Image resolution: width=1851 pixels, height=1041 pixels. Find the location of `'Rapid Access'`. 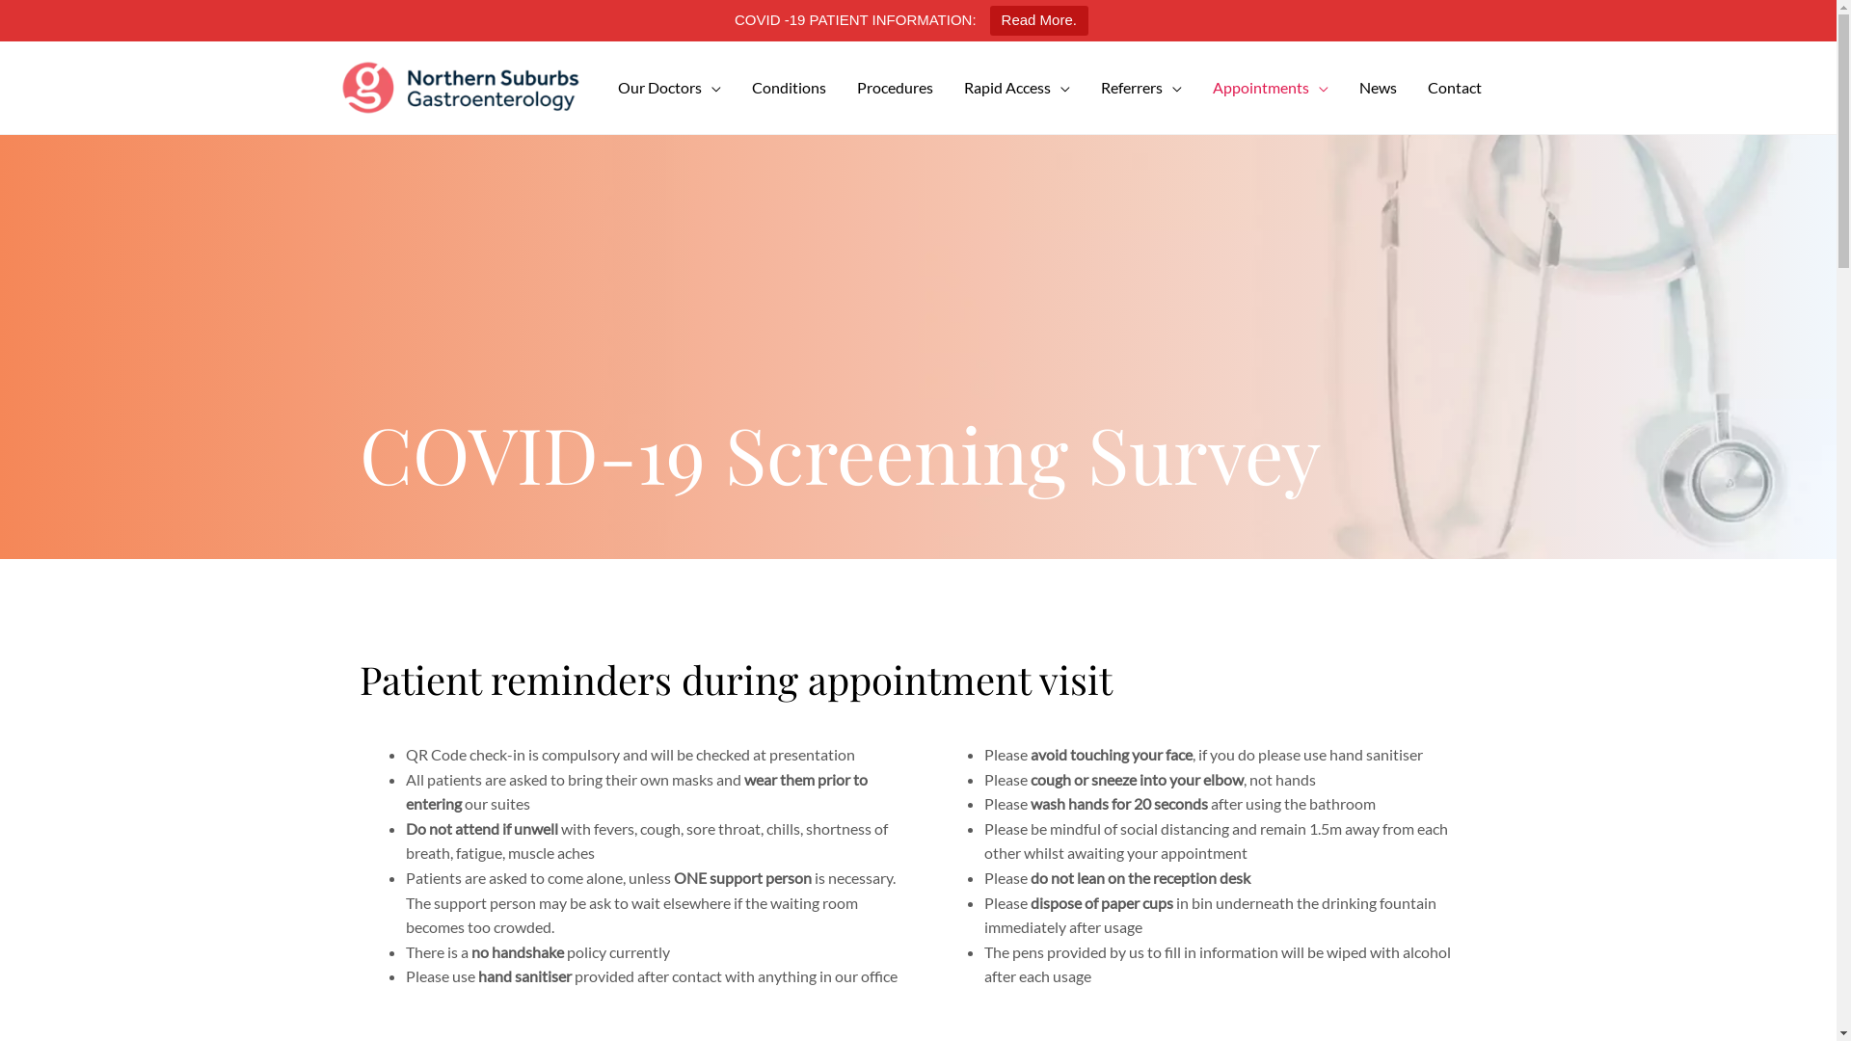

'Rapid Access' is located at coordinates (1016, 88).